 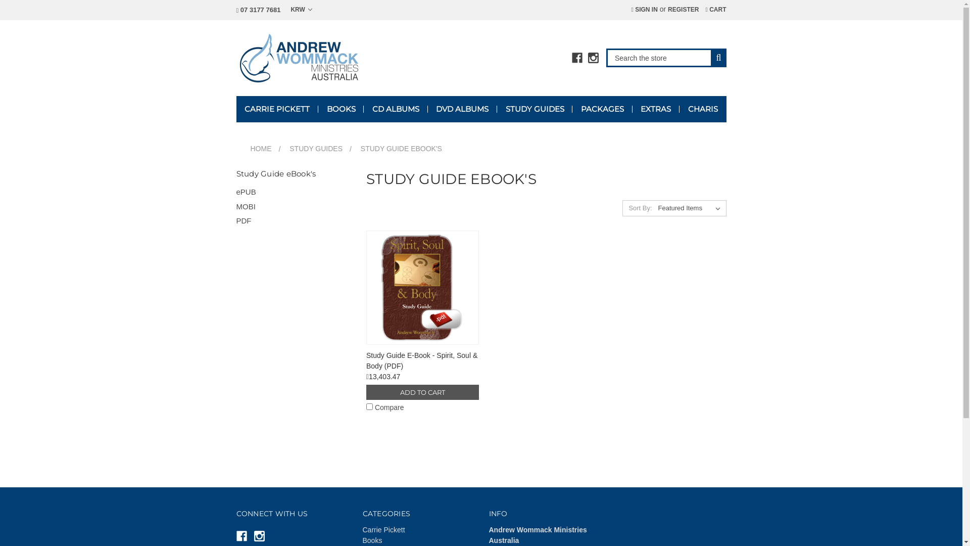 I want to click on 'HOME', so click(x=261, y=148).